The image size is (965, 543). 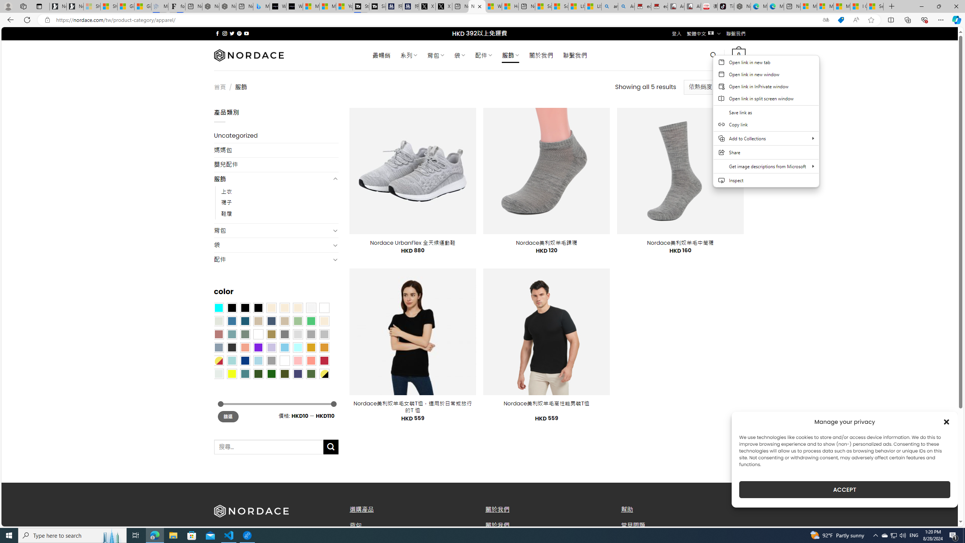 I want to click on 'Add to Collections', so click(x=766, y=138).